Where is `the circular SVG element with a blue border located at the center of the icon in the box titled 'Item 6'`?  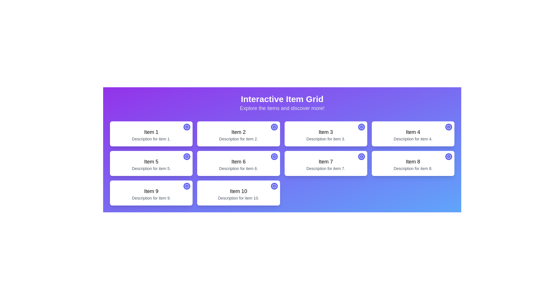
the circular SVG element with a blue border located at the center of the icon in the box titled 'Item 6' is located at coordinates (274, 157).